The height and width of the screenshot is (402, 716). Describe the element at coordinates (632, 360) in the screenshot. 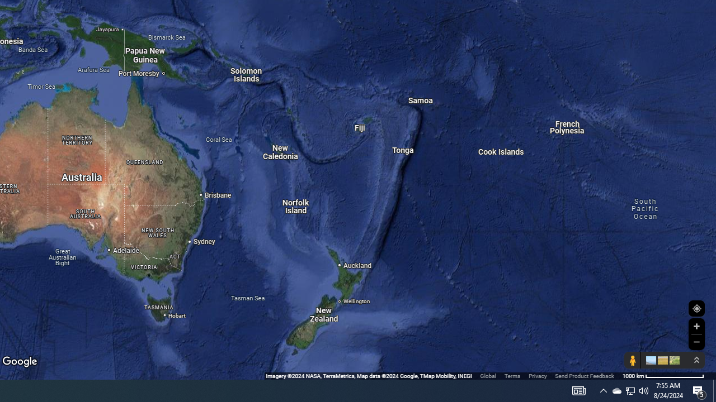

I see `'Show Street View coverage'` at that location.